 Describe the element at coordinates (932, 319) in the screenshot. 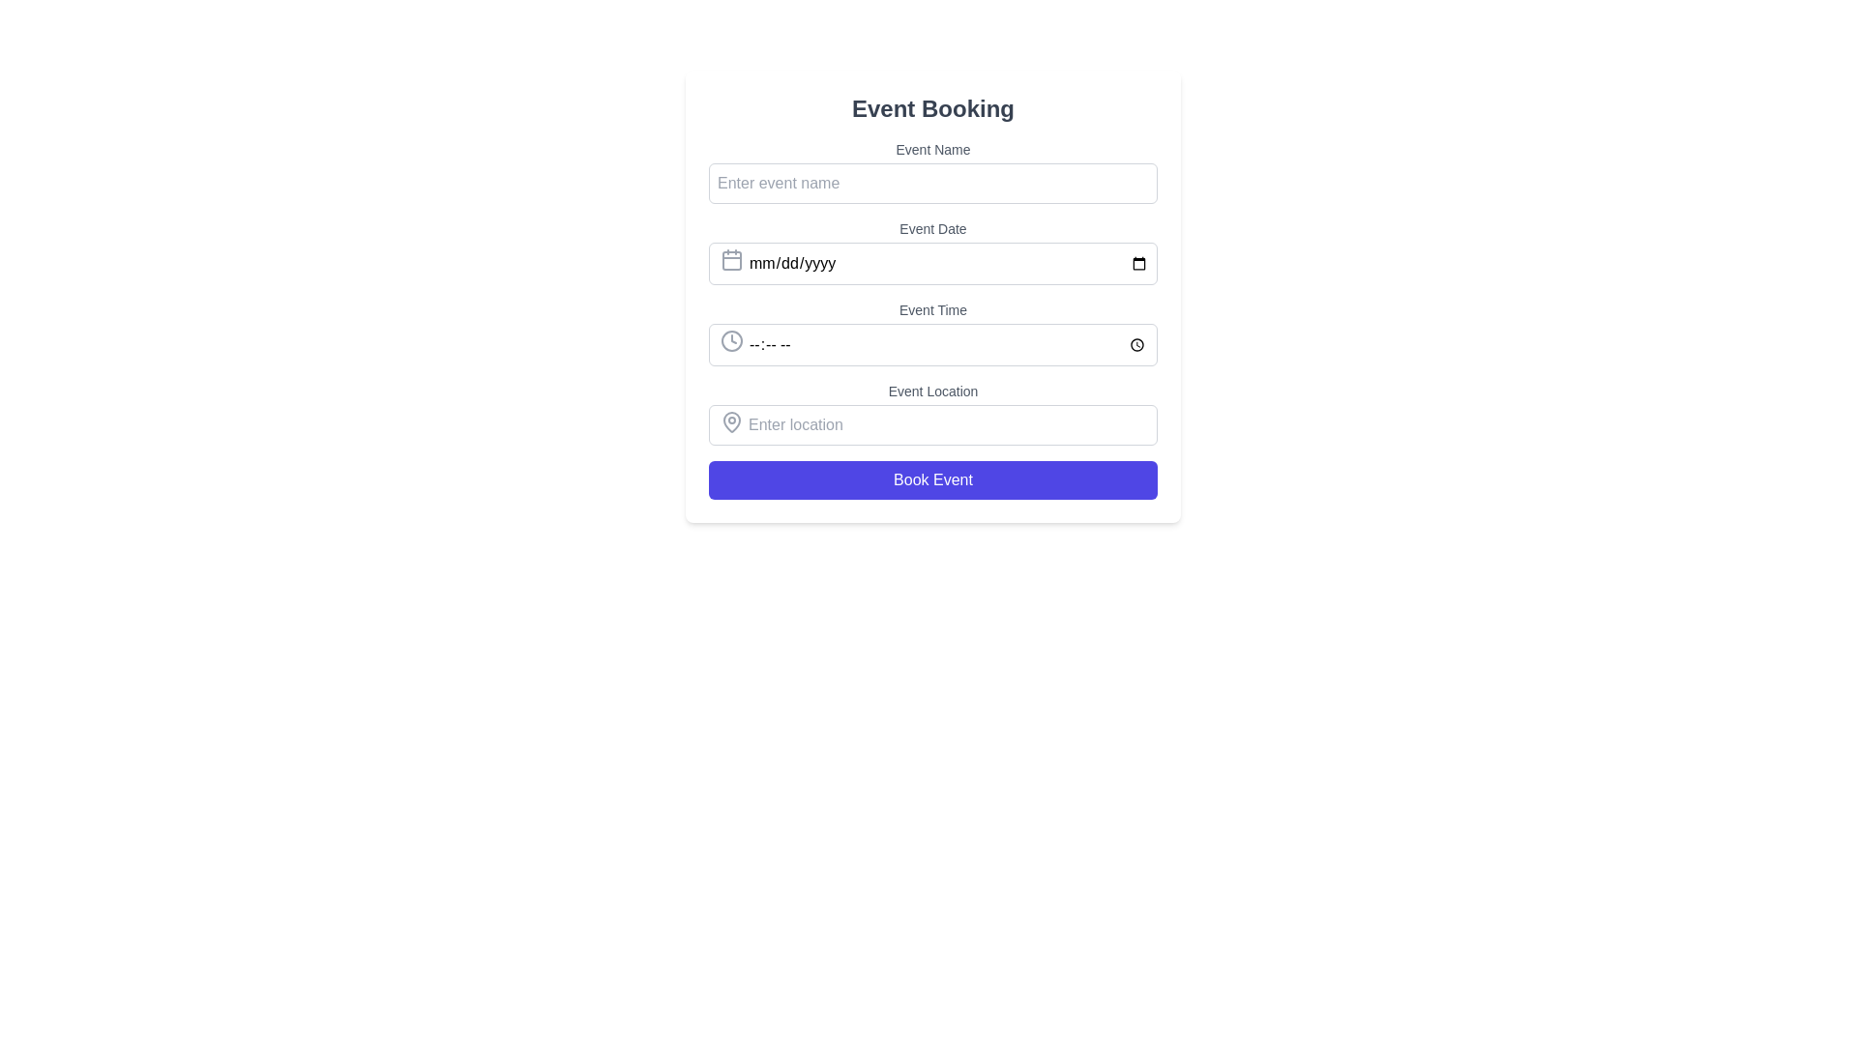

I see `a time from the time input field in the Event Booking form, which is styled within a white box with rounded corners and includes labeled fields for event details` at that location.